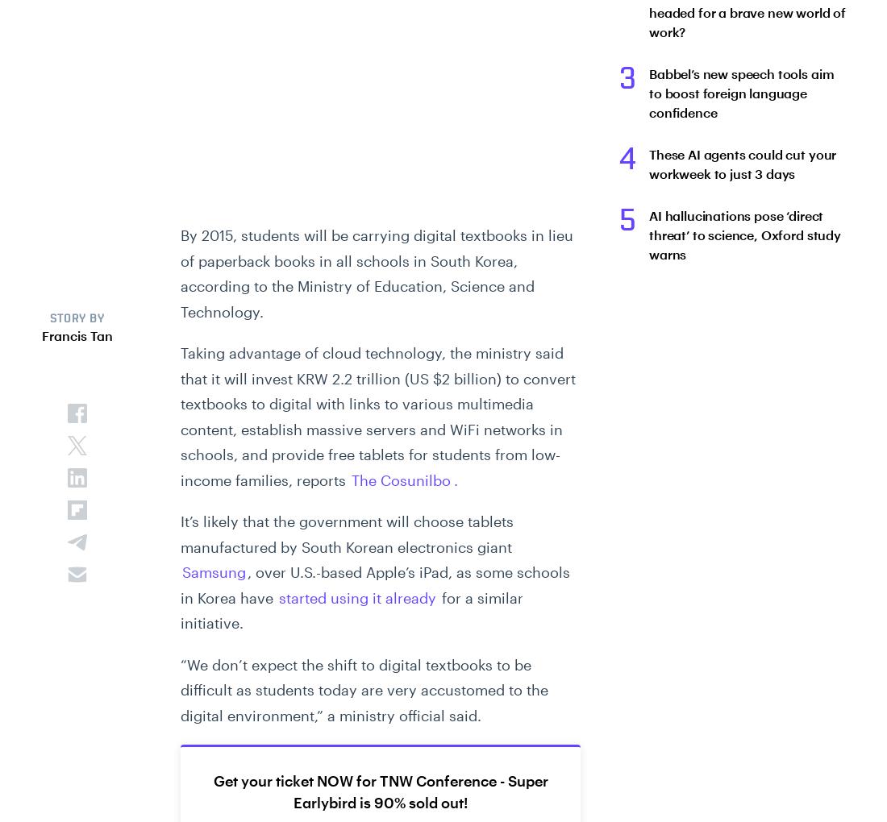 The width and height of the screenshot is (887, 822). Describe the element at coordinates (214, 571) in the screenshot. I see `'Samsung'` at that location.